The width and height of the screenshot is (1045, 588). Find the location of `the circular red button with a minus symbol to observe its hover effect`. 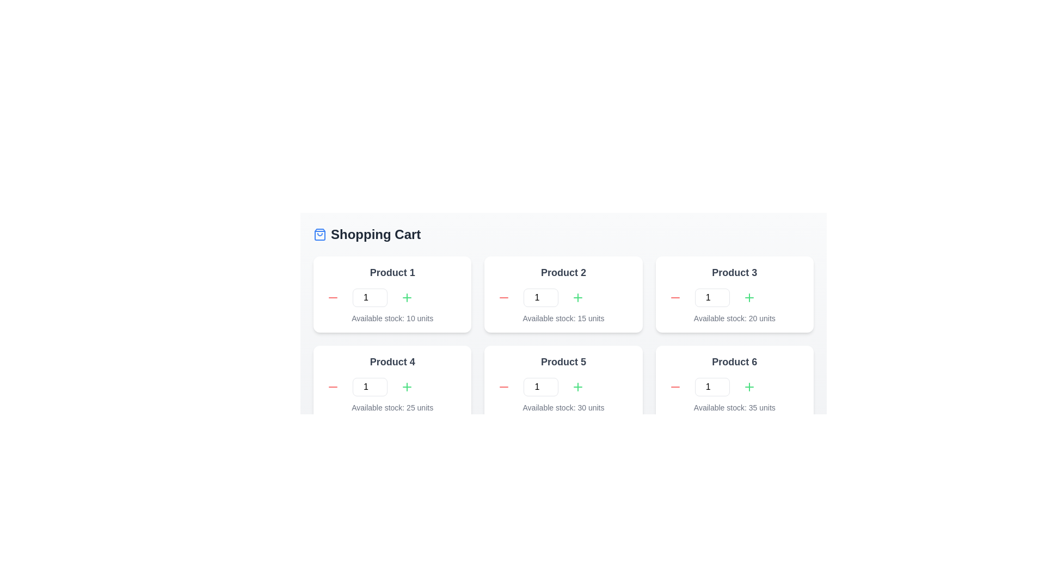

the circular red button with a minus symbol to observe its hover effect is located at coordinates (332, 386).